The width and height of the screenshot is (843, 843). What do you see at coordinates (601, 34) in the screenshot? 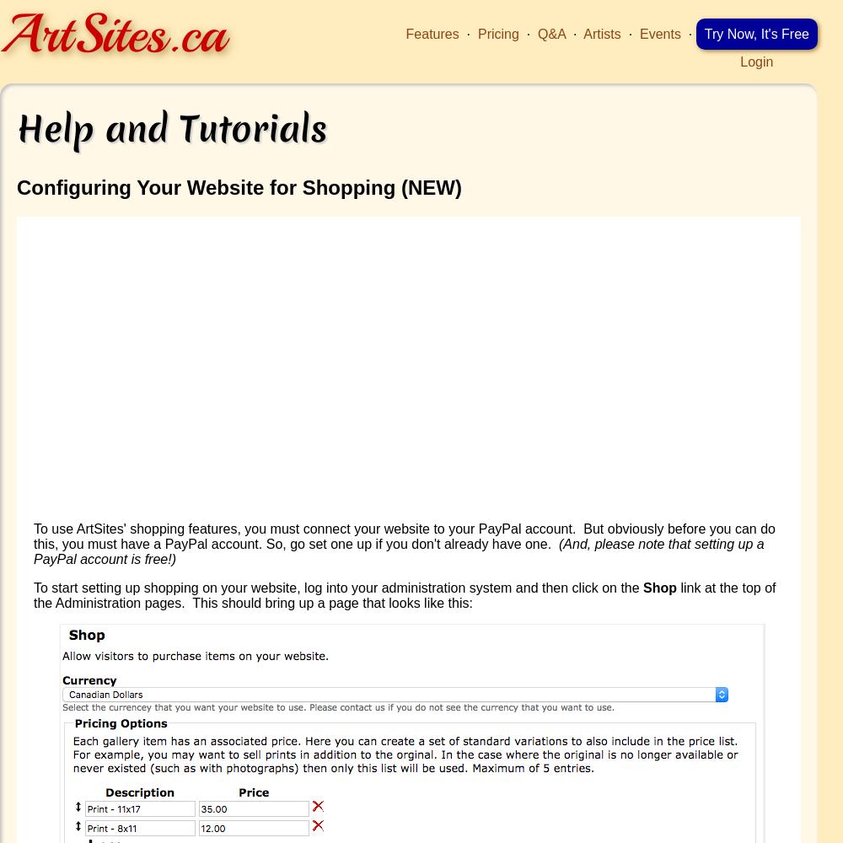
I see `'Artists'` at bounding box center [601, 34].